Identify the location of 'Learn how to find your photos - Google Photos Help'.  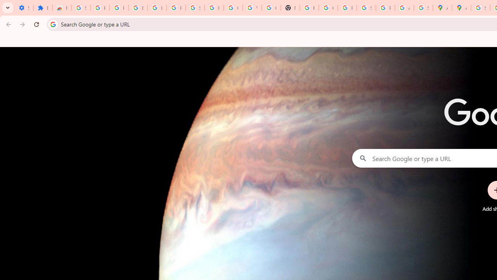
(156, 8).